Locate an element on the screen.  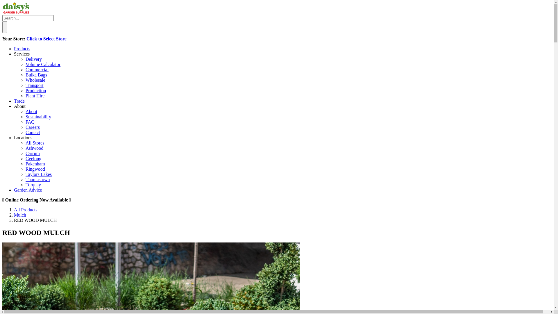
'Transport' is located at coordinates (34, 85).